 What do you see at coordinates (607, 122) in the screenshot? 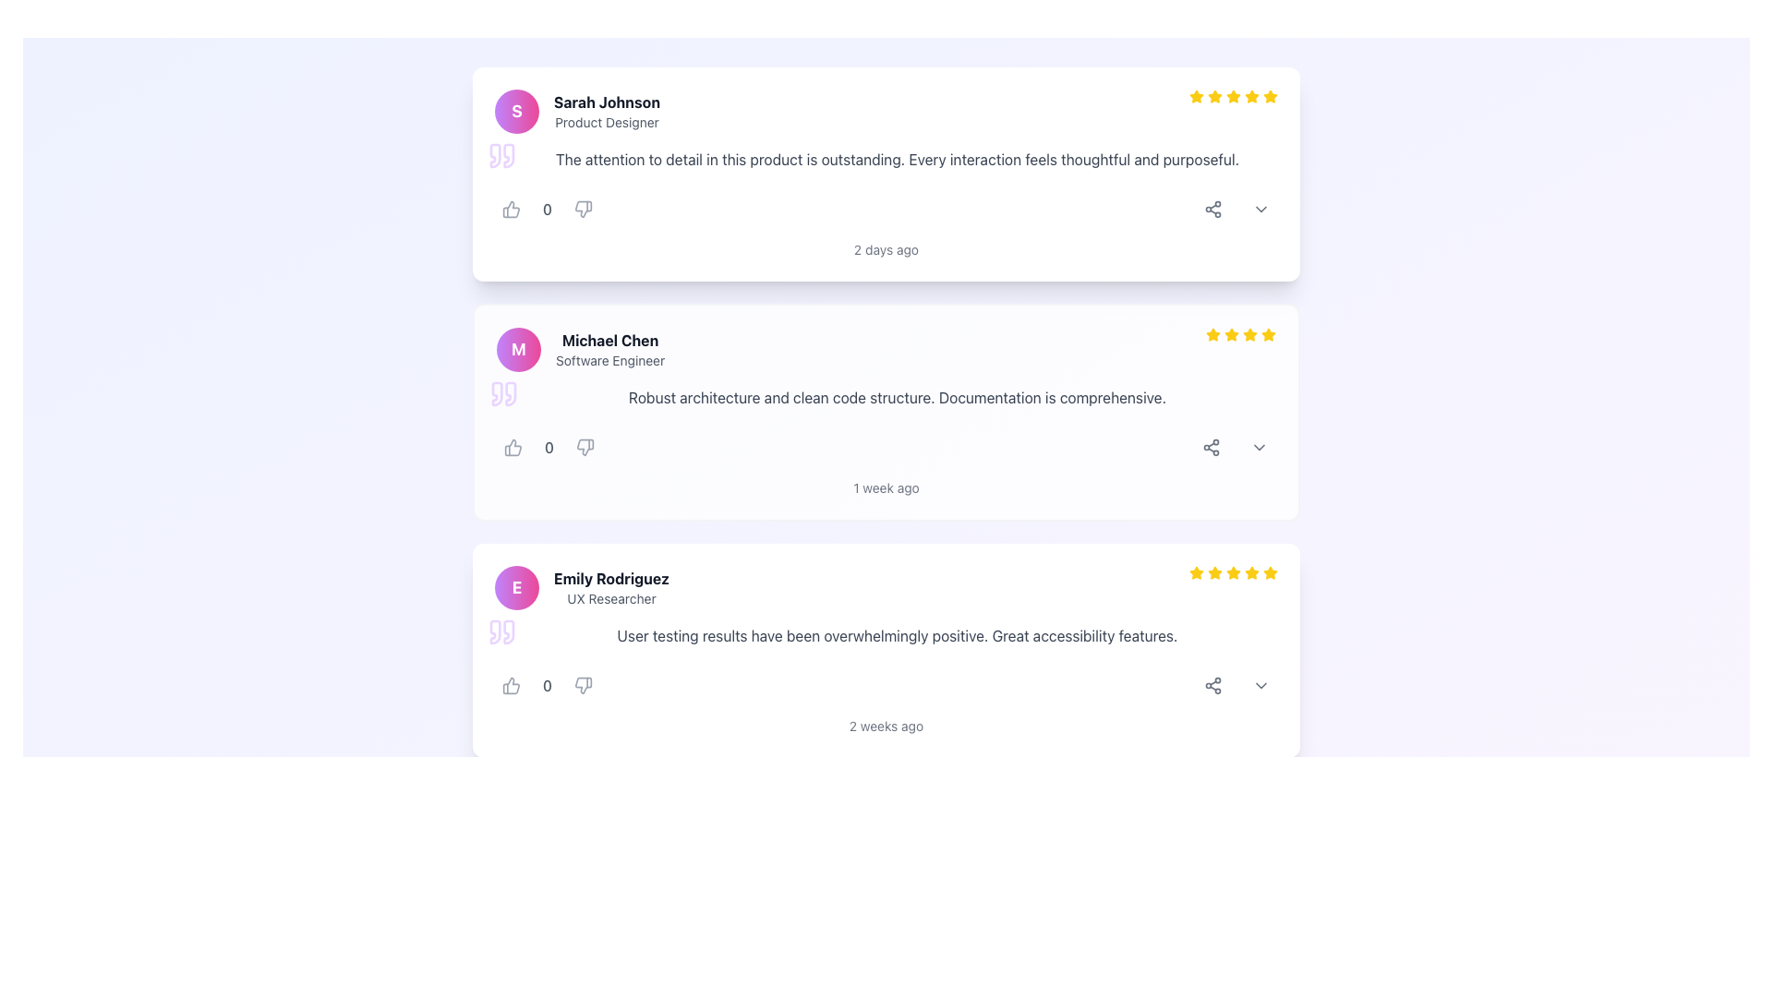
I see `text label that describes the job title or role of 'Sarah Johnson', which is located in the top-left section of the page under her name and designation 'Product Designer'` at bounding box center [607, 122].